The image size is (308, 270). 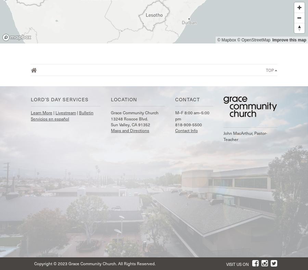 What do you see at coordinates (191, 115) in the screenshot?
I see `'M–F 8:00 am–5:00 pm'` at bounding box center [191, 115].